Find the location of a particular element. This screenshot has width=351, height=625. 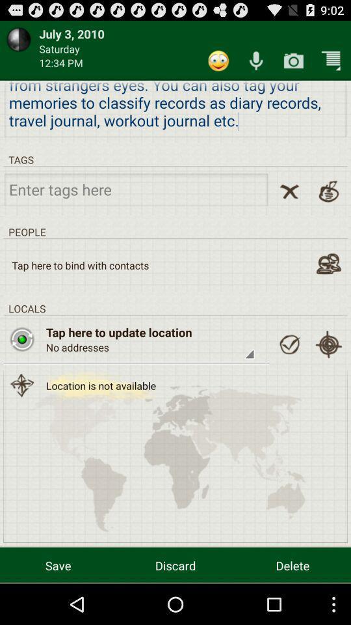

icon above the people app is located at coordinates (135, 188).